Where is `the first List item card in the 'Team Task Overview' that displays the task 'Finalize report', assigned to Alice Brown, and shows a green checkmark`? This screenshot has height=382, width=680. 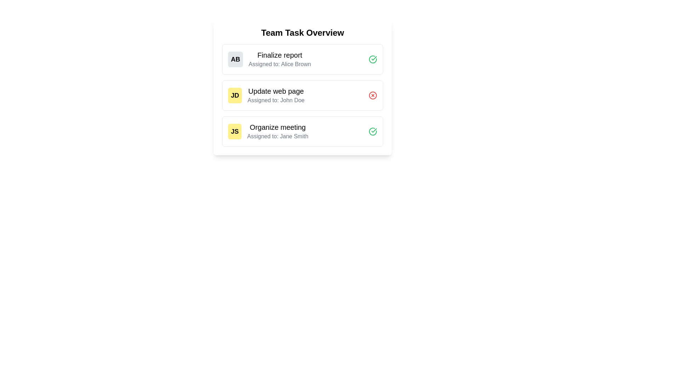 the first List item card in the 'Team Task Overview' that displays the task 'Finalize report', assigned to Alice Brown, and shows a green checkmark is located at coordinates (302, 59).